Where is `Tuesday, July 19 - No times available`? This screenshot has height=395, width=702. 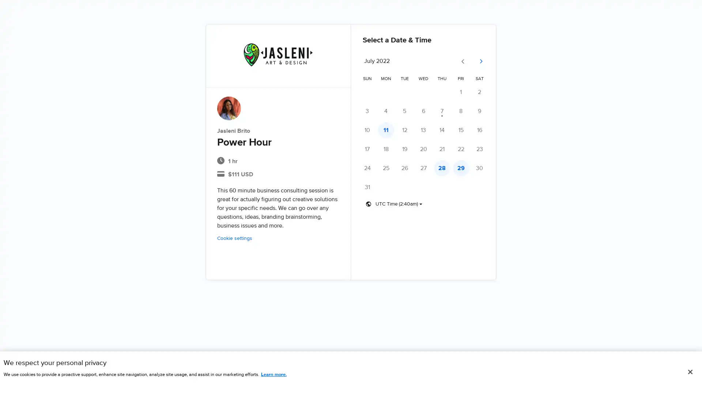
Tuesday, July 19 - No times available is located at coordinates (404, 149).